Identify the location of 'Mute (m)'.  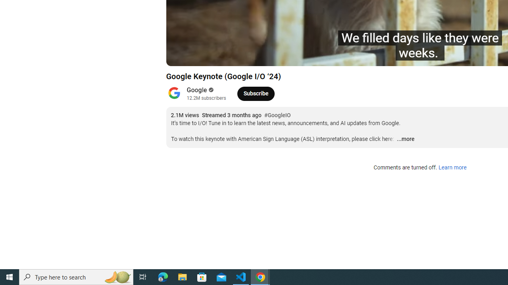
(217, 56).